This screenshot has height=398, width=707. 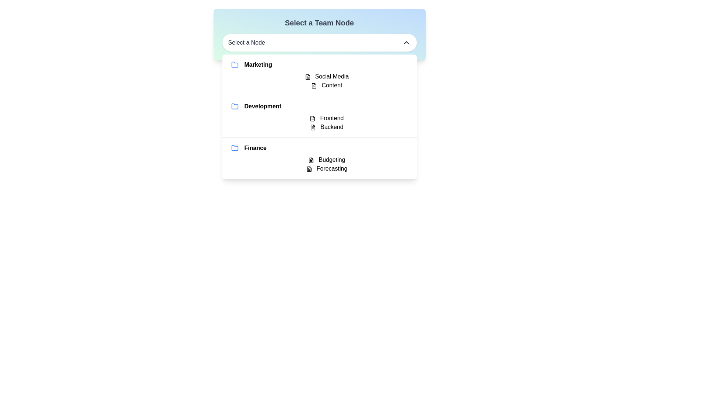 What do you see at coordinates (326, 118) in the screenshot?
I see `the selectable text label displaying 'Frontend' with an icon` at bounding box center [326, 118].